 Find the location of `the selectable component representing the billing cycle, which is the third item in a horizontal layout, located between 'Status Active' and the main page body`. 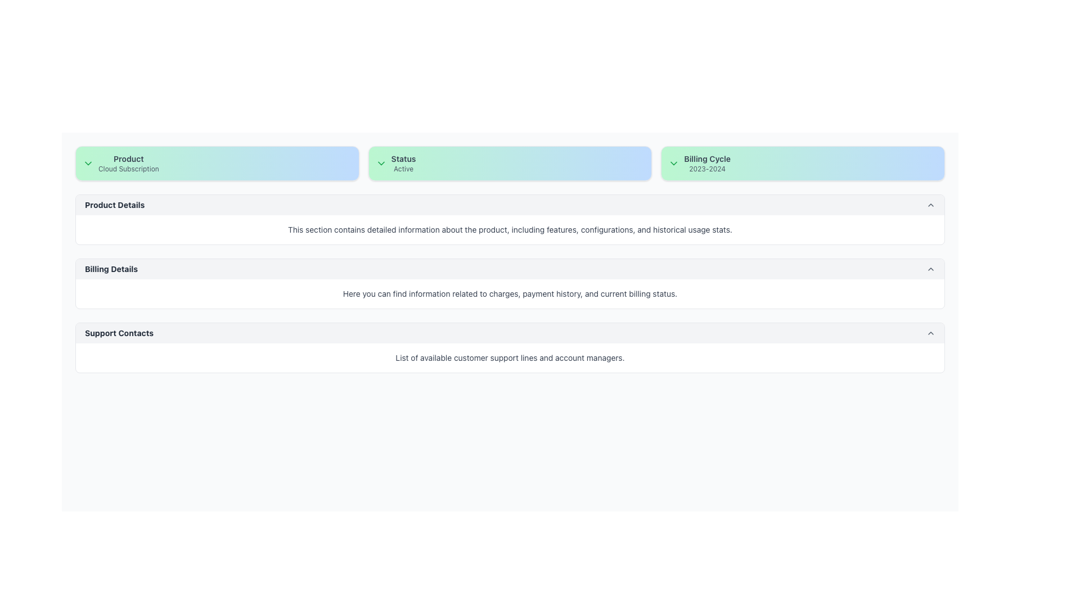

the selectable component representing the billing cycle, which is the third item in a horizontal layout, located between 'Status Active' and the main page body is located at coordinates (802, 163).